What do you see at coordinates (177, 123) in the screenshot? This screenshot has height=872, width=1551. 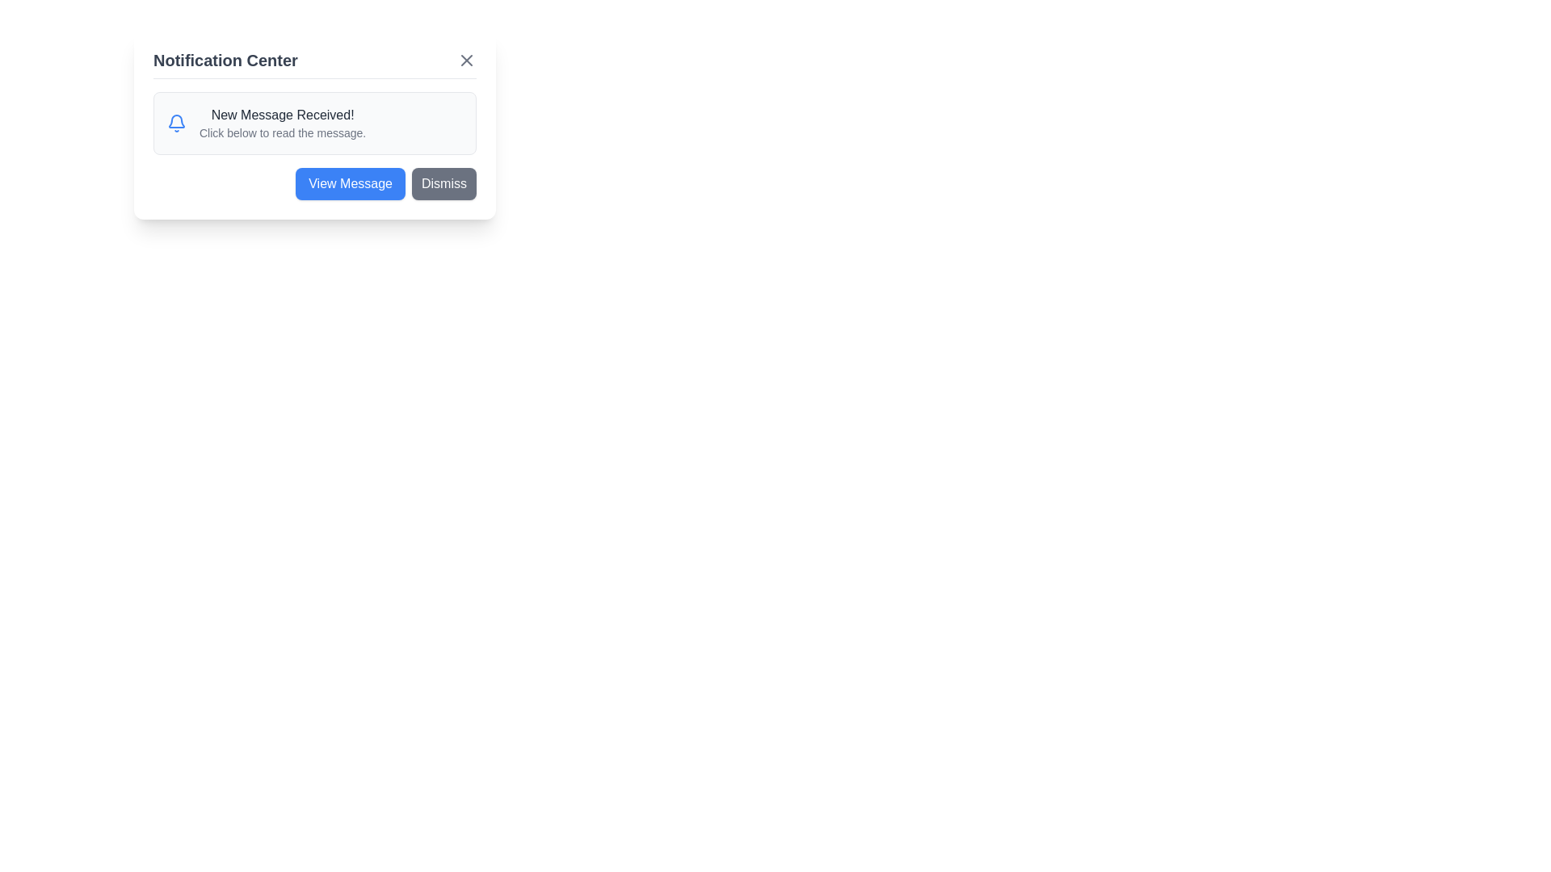 I see `the notification indicator bell icon located to the left of the 'New Message Received!' message within the notification card` at bounding box center [177, 123].